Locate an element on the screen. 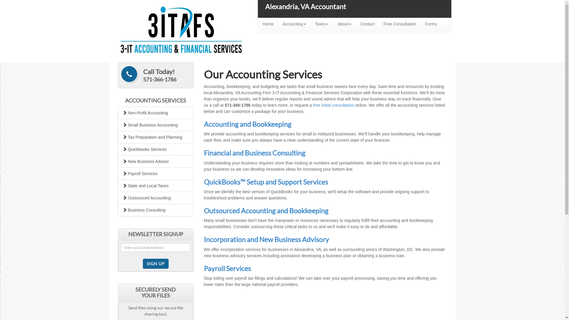 This screenshot has height=320, width=569. 'Quickbooks Services' is located at coordinates (156, 149).